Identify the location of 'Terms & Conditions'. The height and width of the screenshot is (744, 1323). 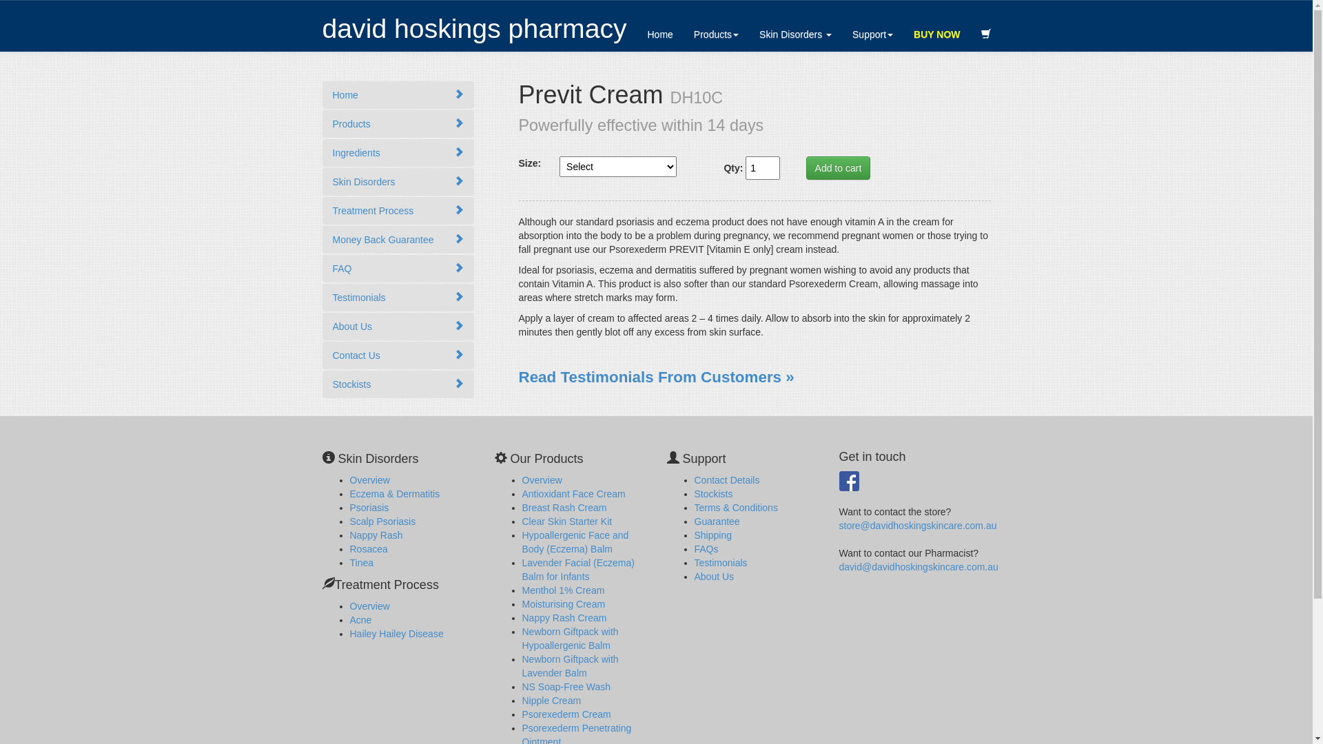
(735, 507).